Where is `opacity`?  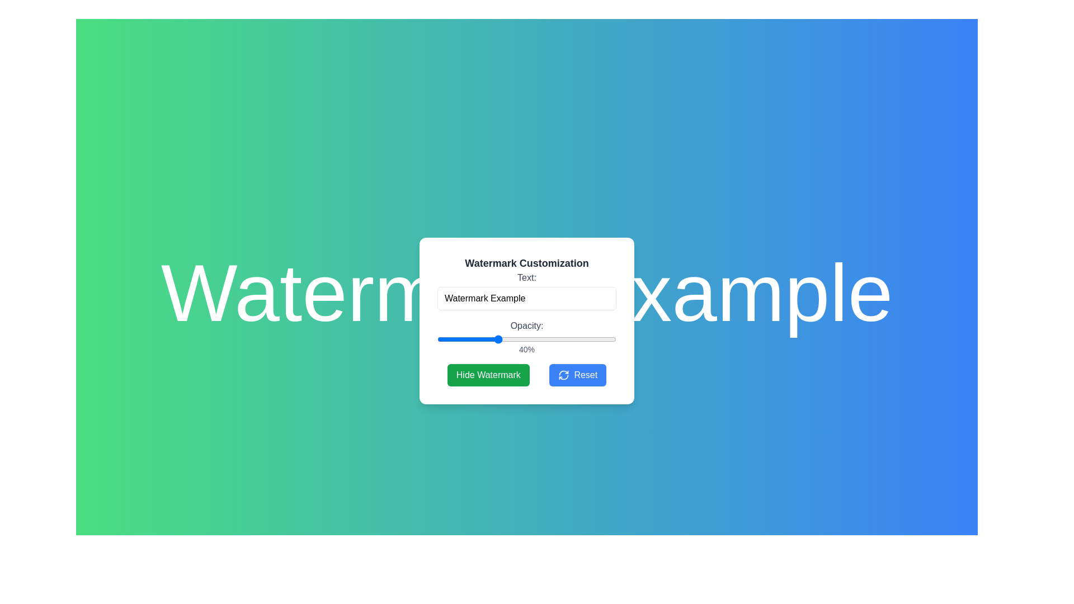
opacity is located at coordinates (572, 338).